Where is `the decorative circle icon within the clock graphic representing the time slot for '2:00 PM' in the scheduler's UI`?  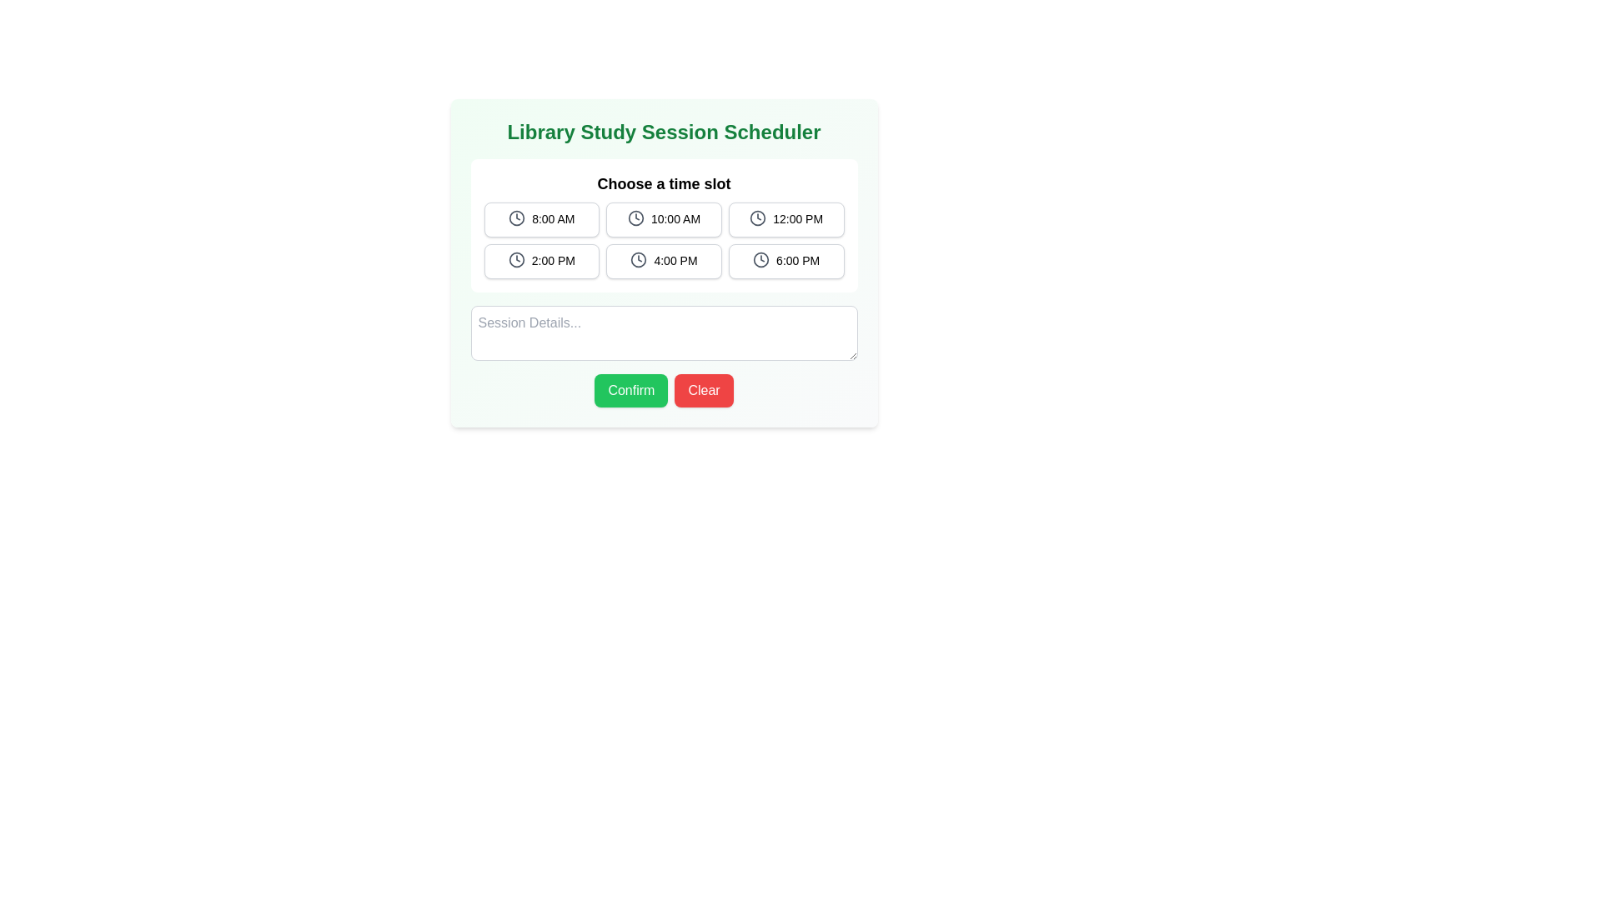 the decorative circle icon within the clock graphic representing the time slot for '2:00 PM' in the scheduler's UI is located at coordinates (515, 260).